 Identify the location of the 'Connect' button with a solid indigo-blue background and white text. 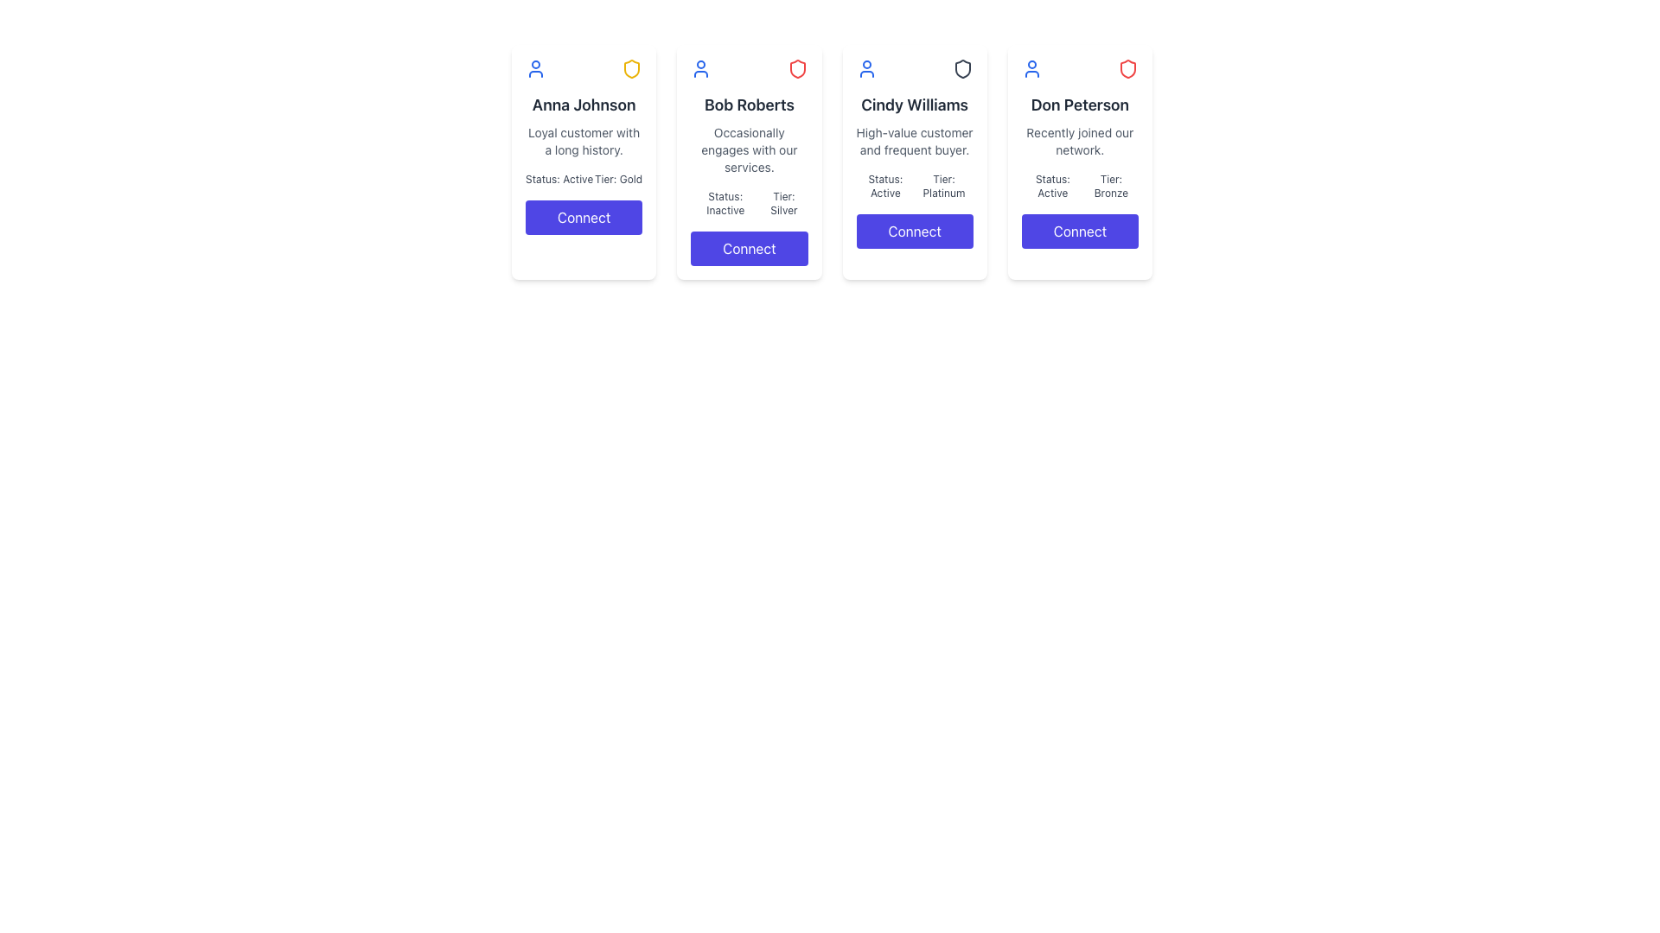
(914, 230).